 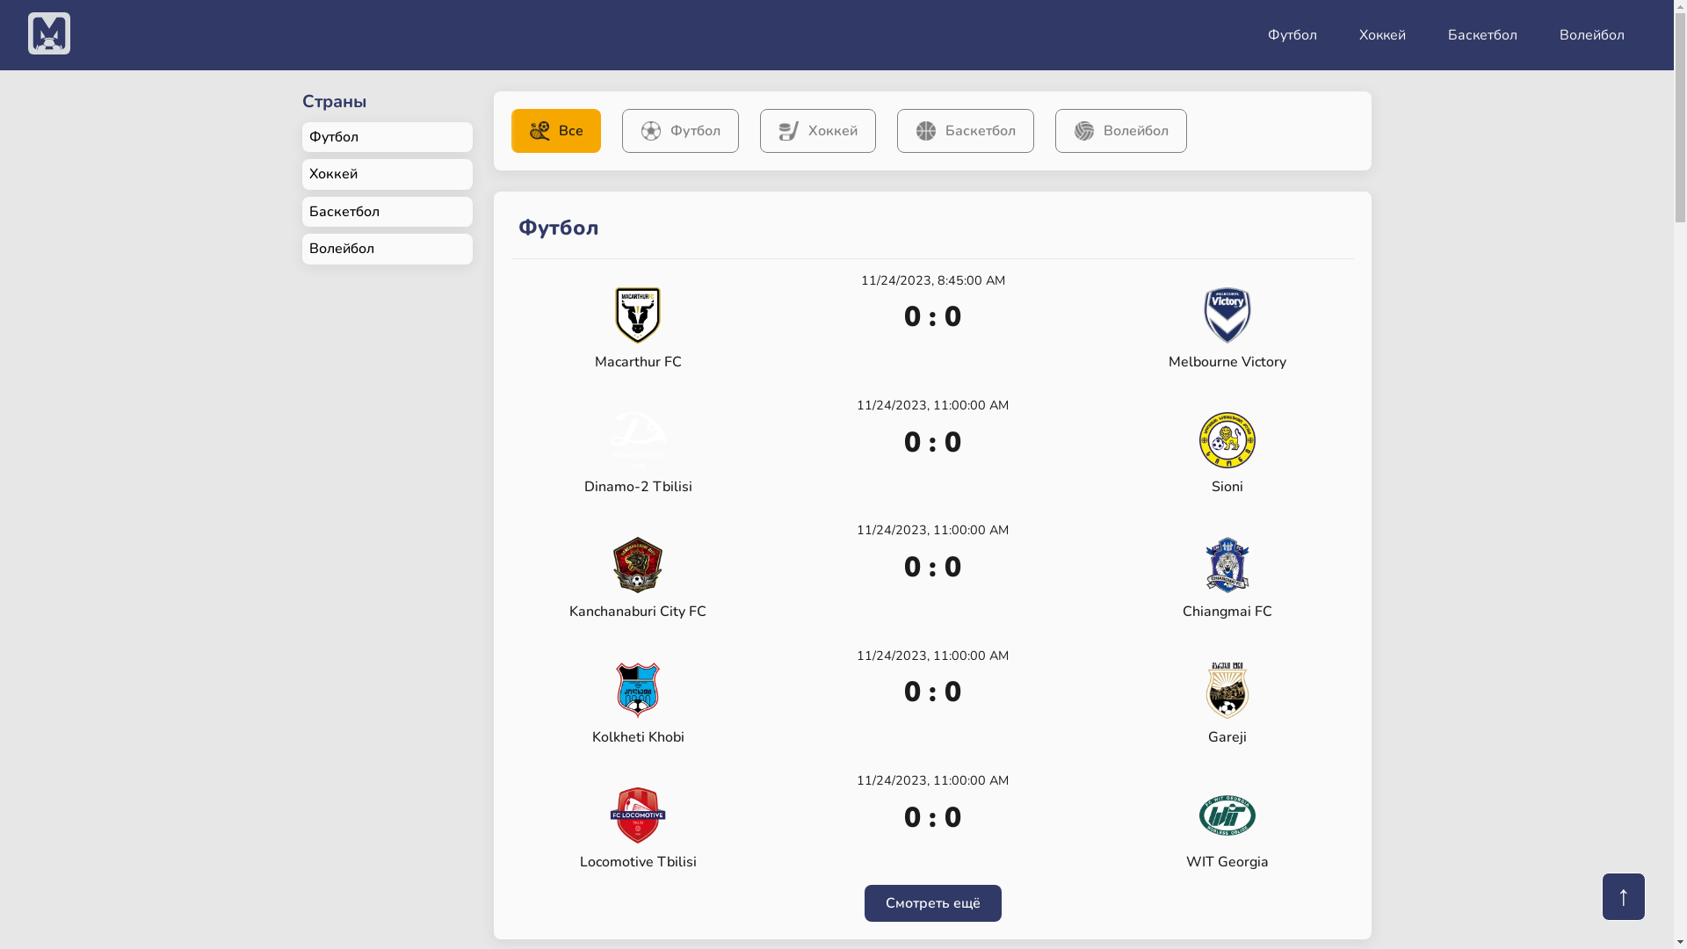 I want to click on 'Kolkheti Khobi', so click(x=636, y=703).